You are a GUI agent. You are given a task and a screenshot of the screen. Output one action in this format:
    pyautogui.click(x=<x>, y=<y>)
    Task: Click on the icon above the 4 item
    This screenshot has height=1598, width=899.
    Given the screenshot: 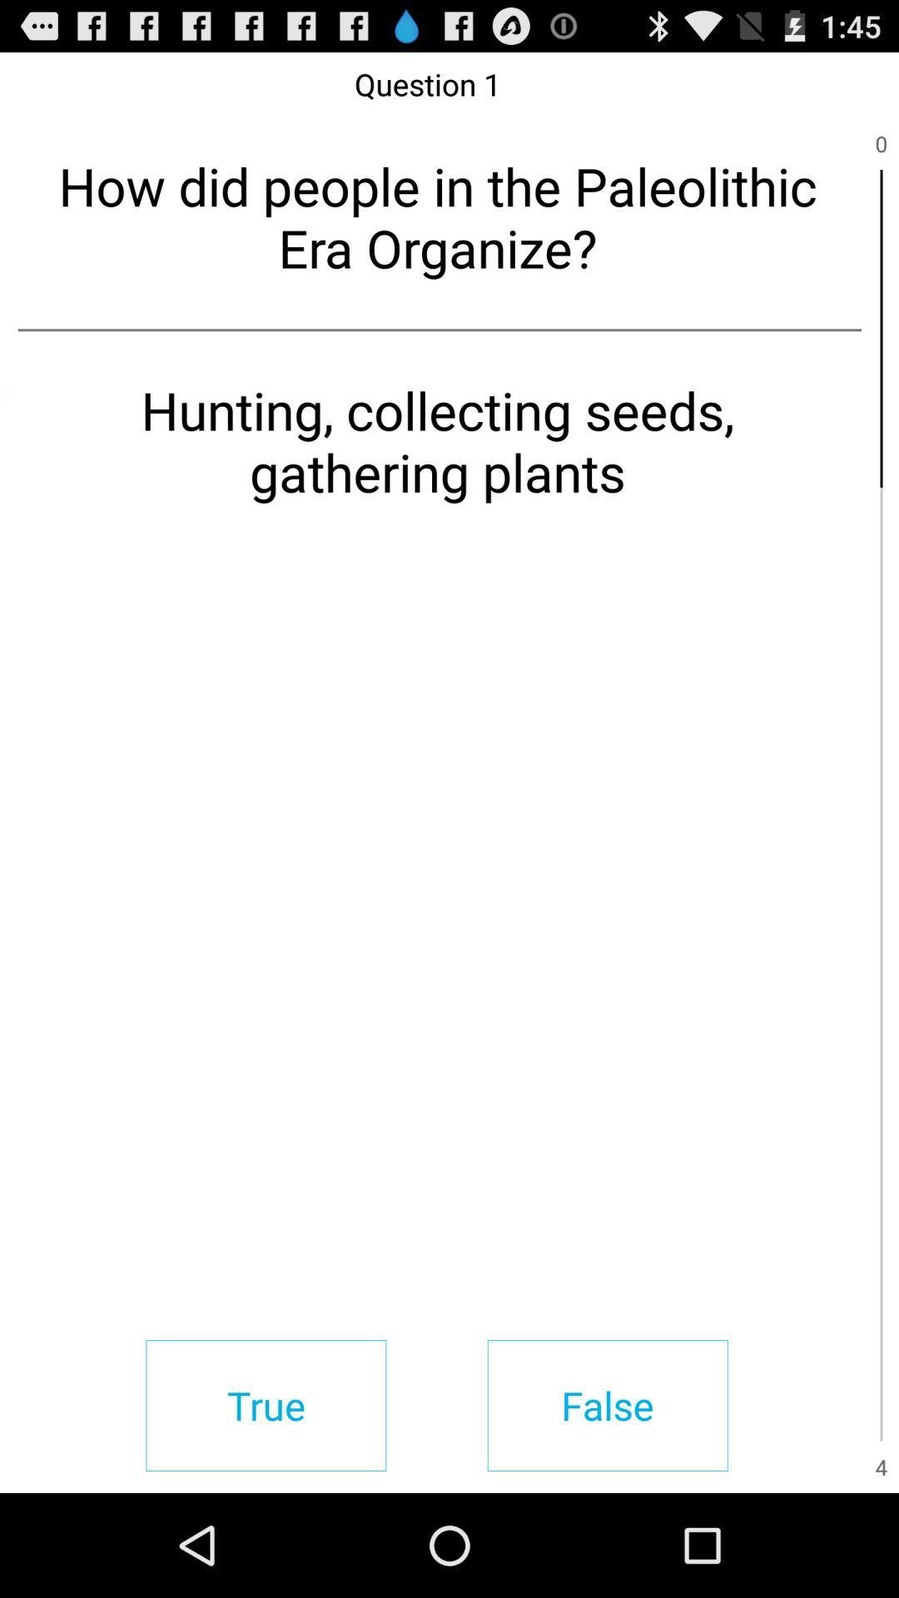 What is the action you would take?
    pyautogui.click(x=881, y=1281)
    